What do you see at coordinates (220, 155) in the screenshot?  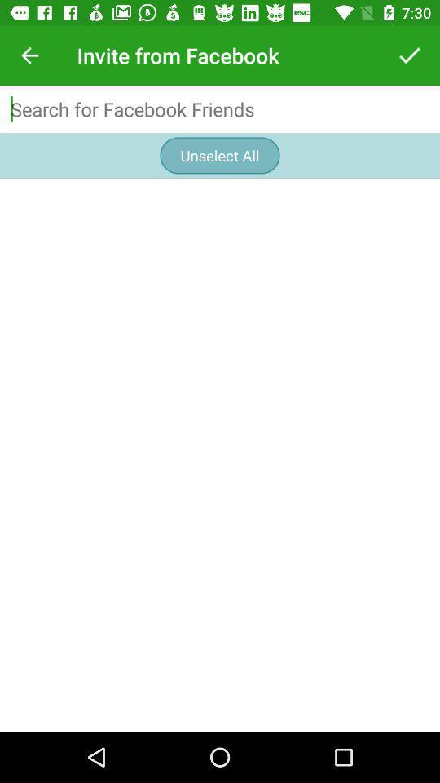 I see `unselect all` at bounding box center [220, 155].